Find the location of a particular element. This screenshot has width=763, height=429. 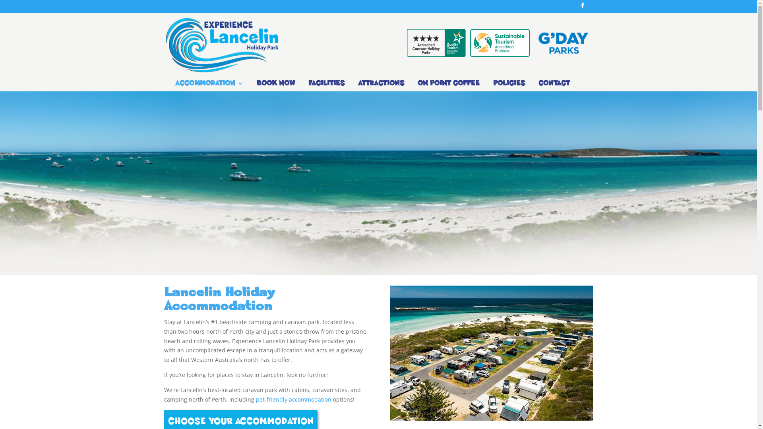

'FACILITIES' is located at coordinates (326, 85).